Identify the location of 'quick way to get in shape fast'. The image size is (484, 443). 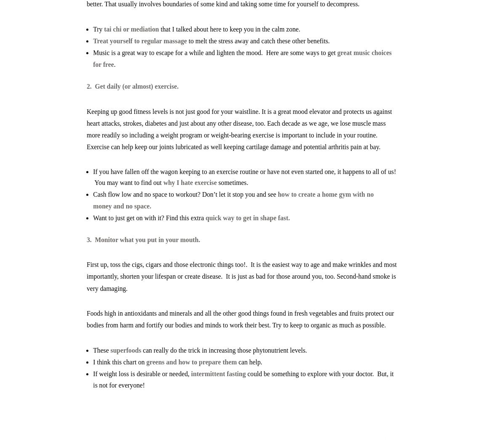
(205, 217).